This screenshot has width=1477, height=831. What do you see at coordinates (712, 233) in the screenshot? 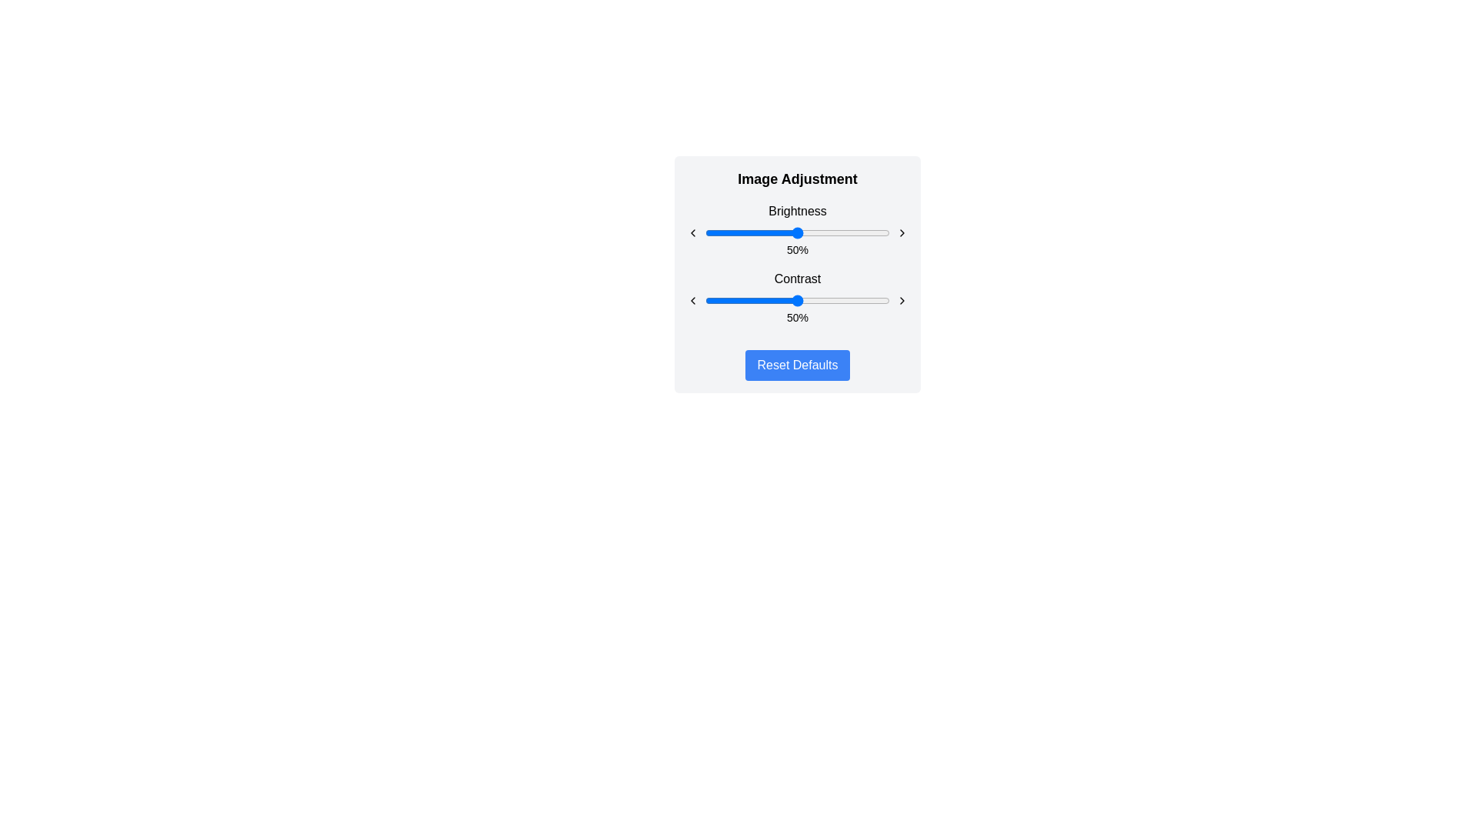
I see `brightness` at bounding box center [712, 233].